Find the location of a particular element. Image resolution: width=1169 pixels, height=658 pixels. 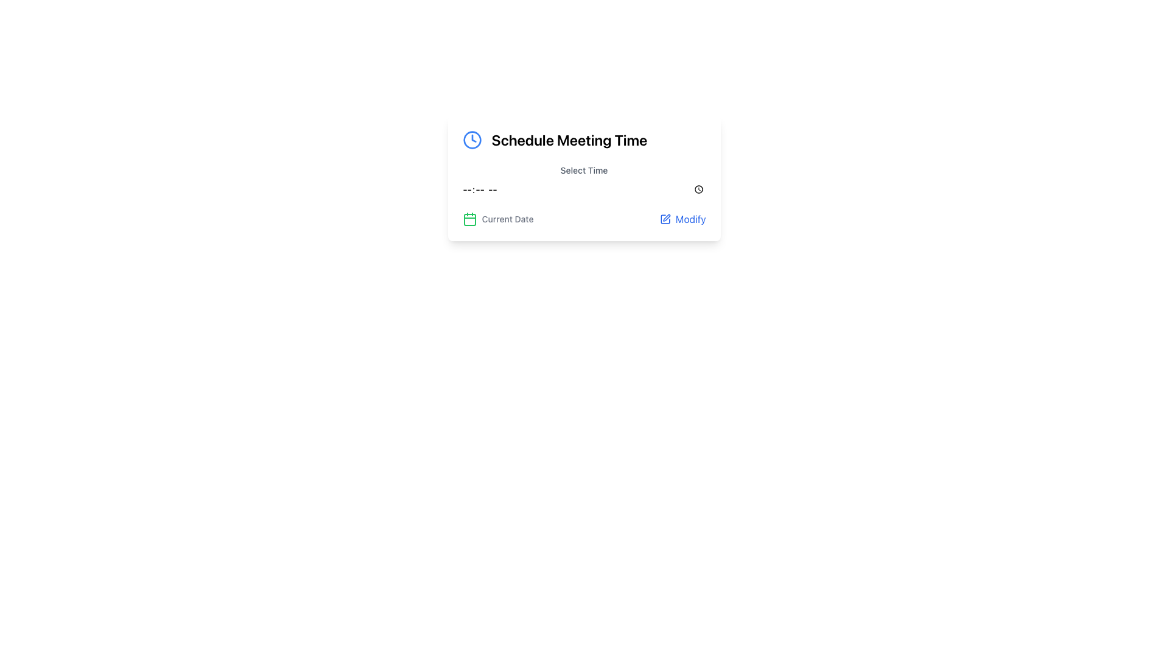

the blue clock icon is located at coordinates (471, 140).